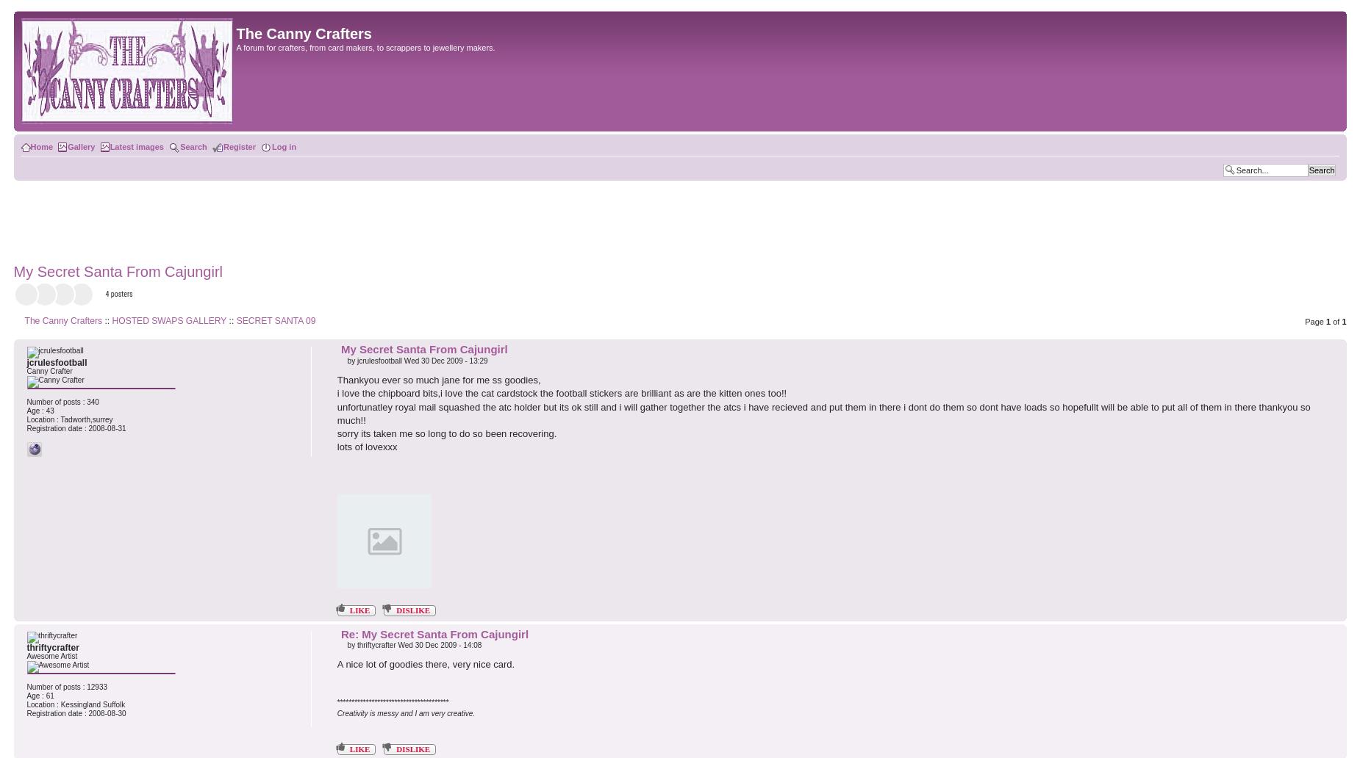 The height and width of the screenshot is (758, 1360). Describe the element at coordinates (51, 655) in the screenshot. I see `'Awesome Artist'` at that location.